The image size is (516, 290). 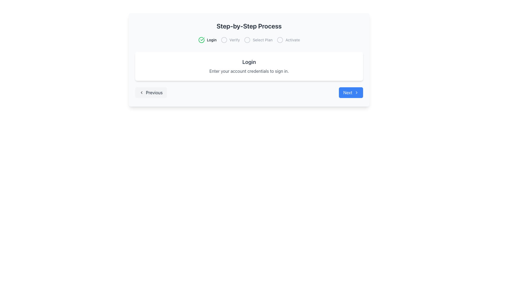 I want to click on the fourth step of the progress indicator labeled 'Activate', so click(x=288, y=40).